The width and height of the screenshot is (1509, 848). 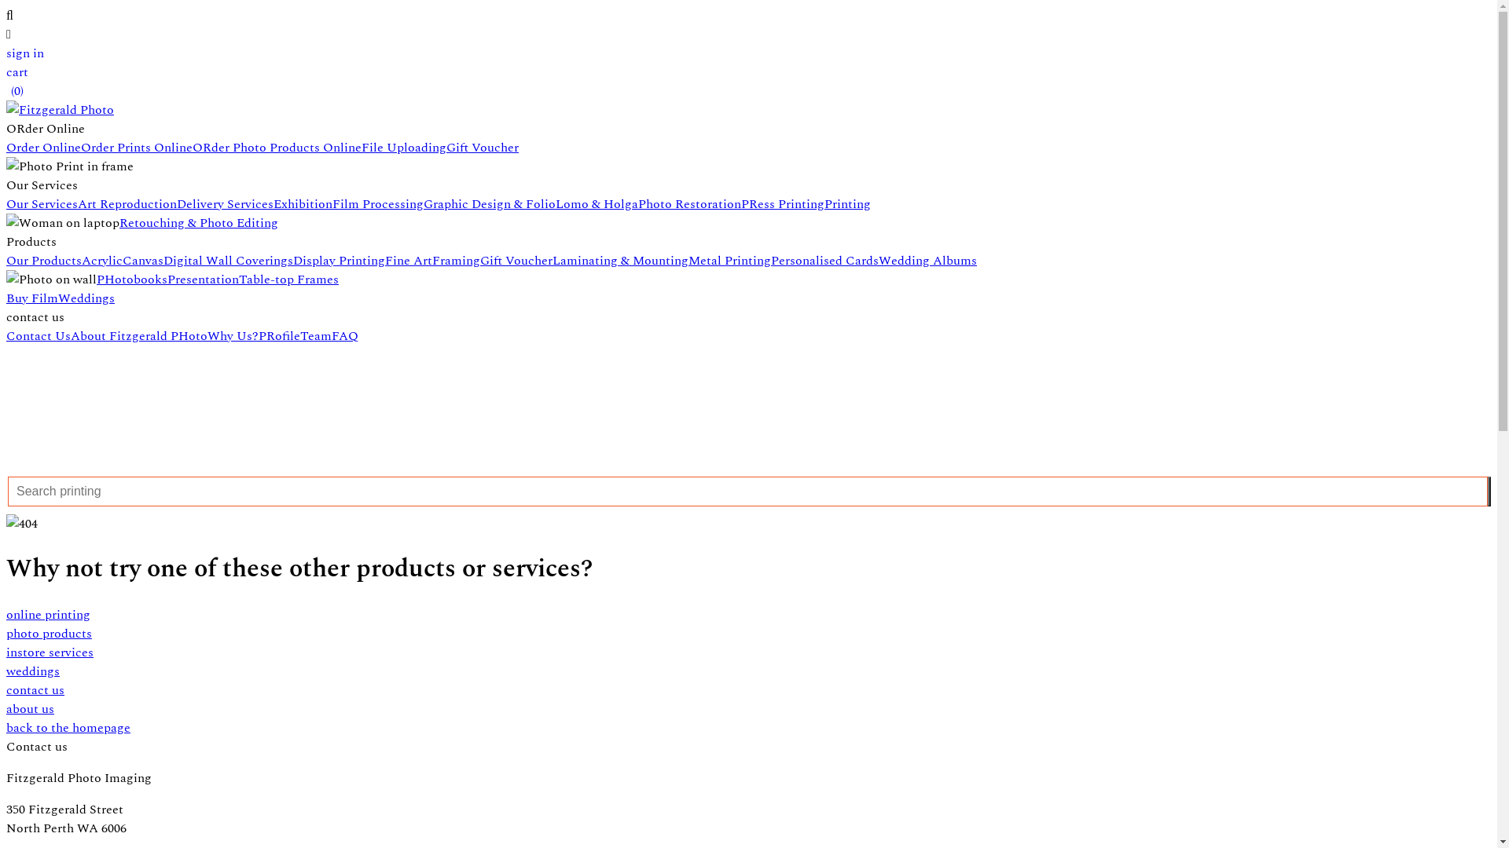 I want to click on 'Framing', so click(x=455, y=259).